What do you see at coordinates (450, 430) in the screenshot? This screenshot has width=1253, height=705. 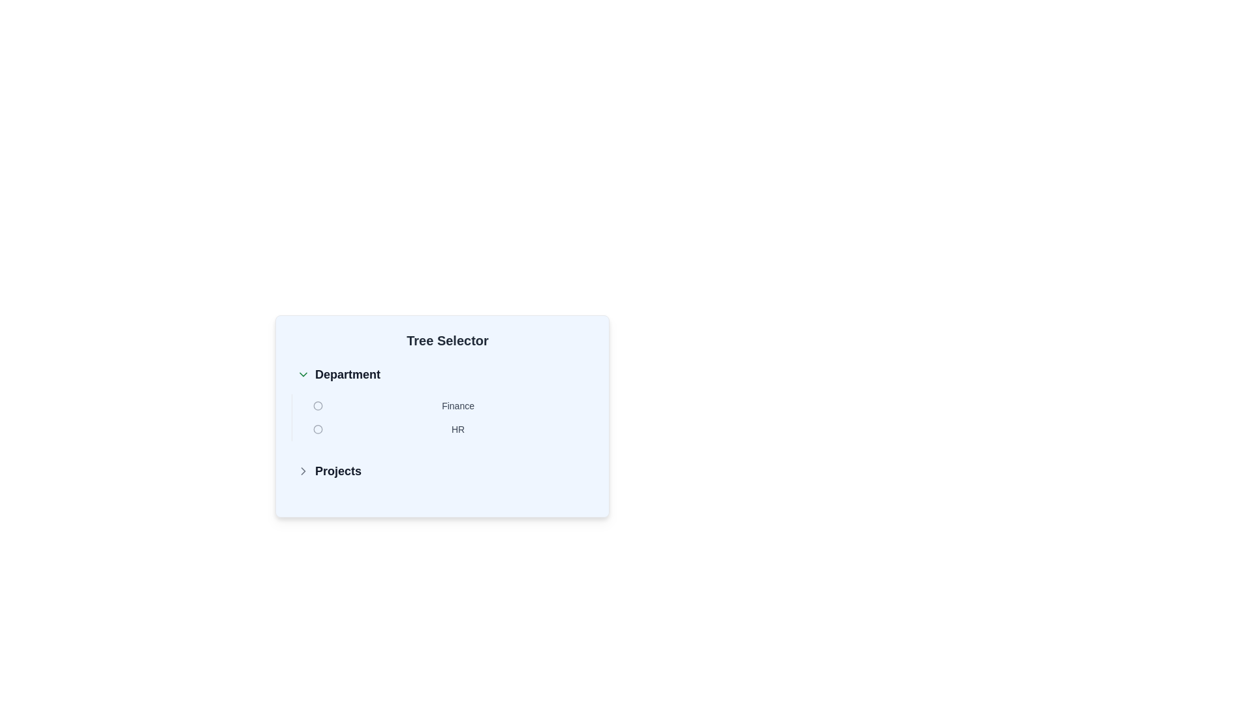 I see `the circular icon or the text 'HR' on the second item of the selectable list under the 'Department' section` at bounding box center [450, 430].